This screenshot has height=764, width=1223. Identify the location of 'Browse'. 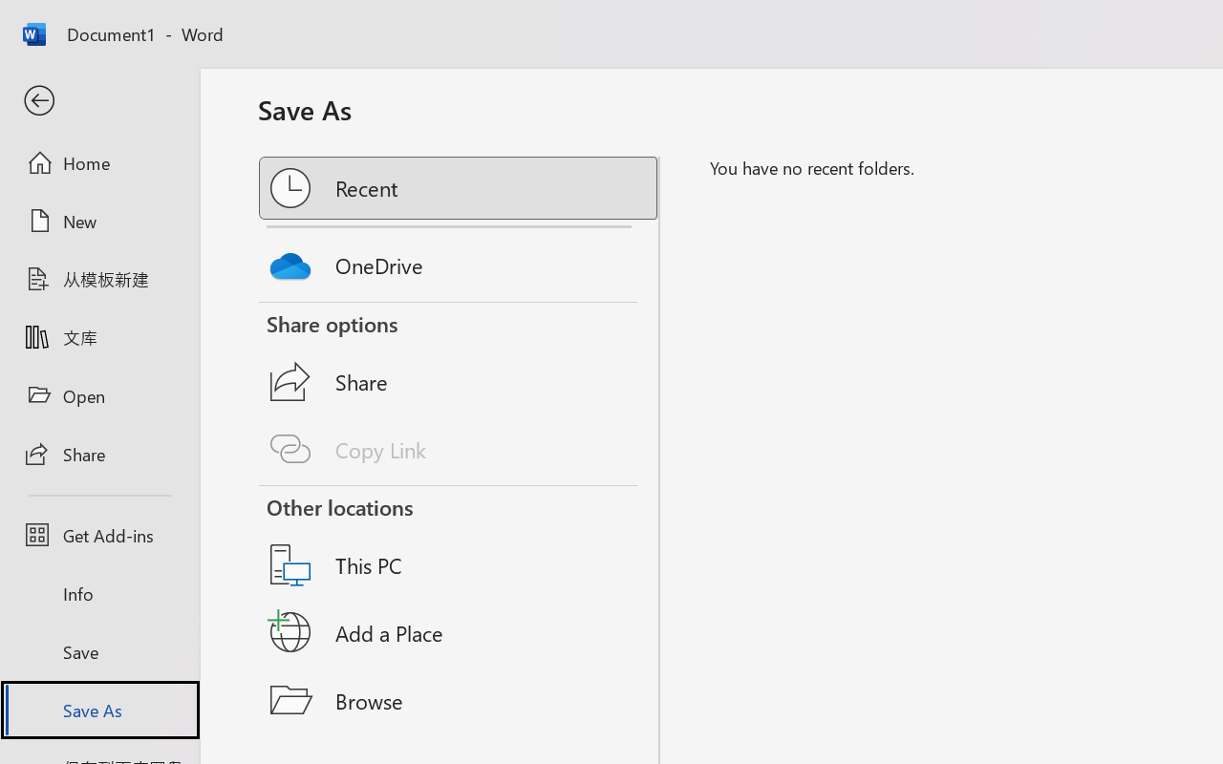
(460, 699).